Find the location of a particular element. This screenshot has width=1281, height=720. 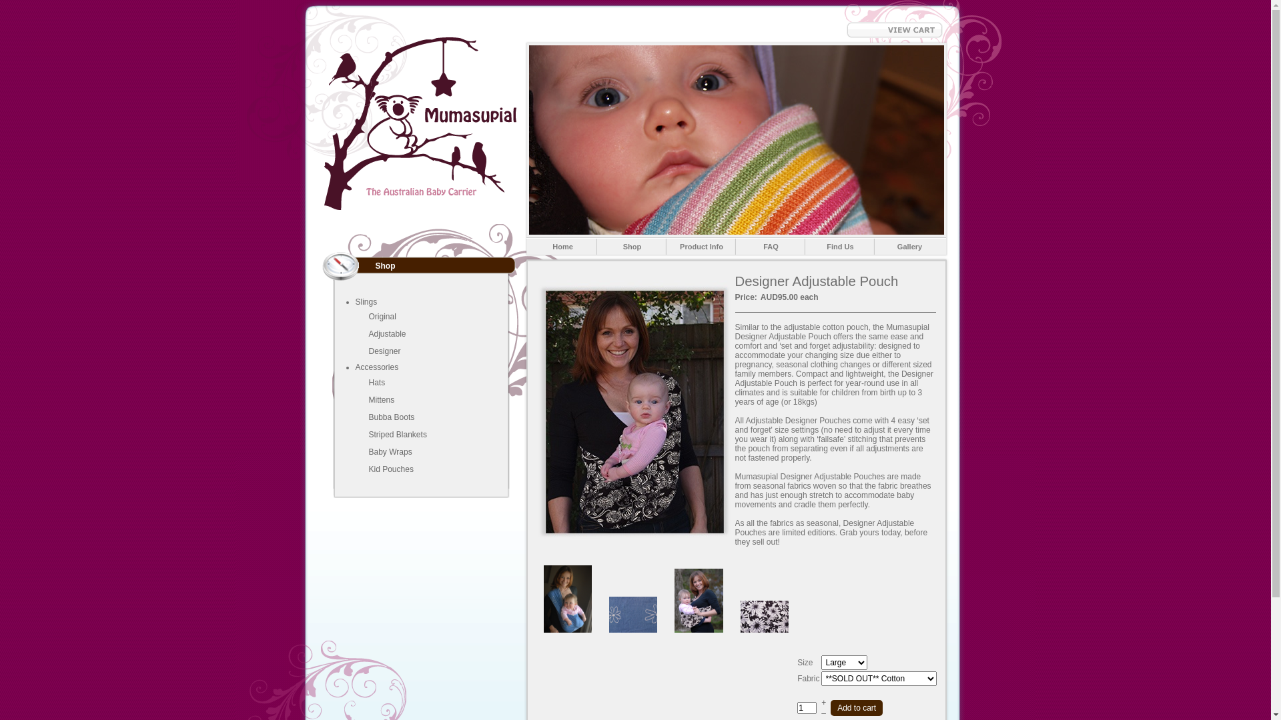

'Home' is located at coordinates (562, 247).